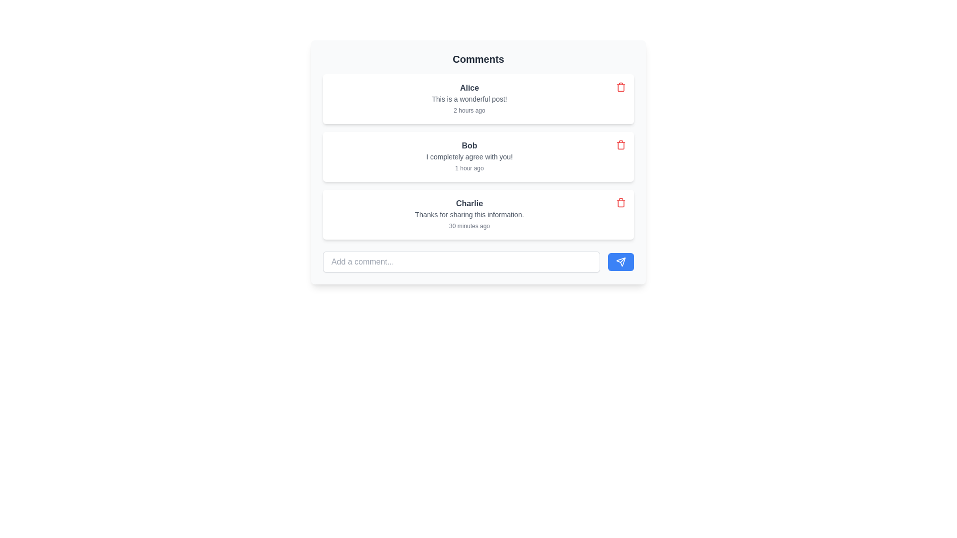 This screenshot has height=538, width=957. I want to click on the static timestamp text indicating the time elapsed since Bob's comment was posted, located at the bottom right of his comment card, so click(469, 168).